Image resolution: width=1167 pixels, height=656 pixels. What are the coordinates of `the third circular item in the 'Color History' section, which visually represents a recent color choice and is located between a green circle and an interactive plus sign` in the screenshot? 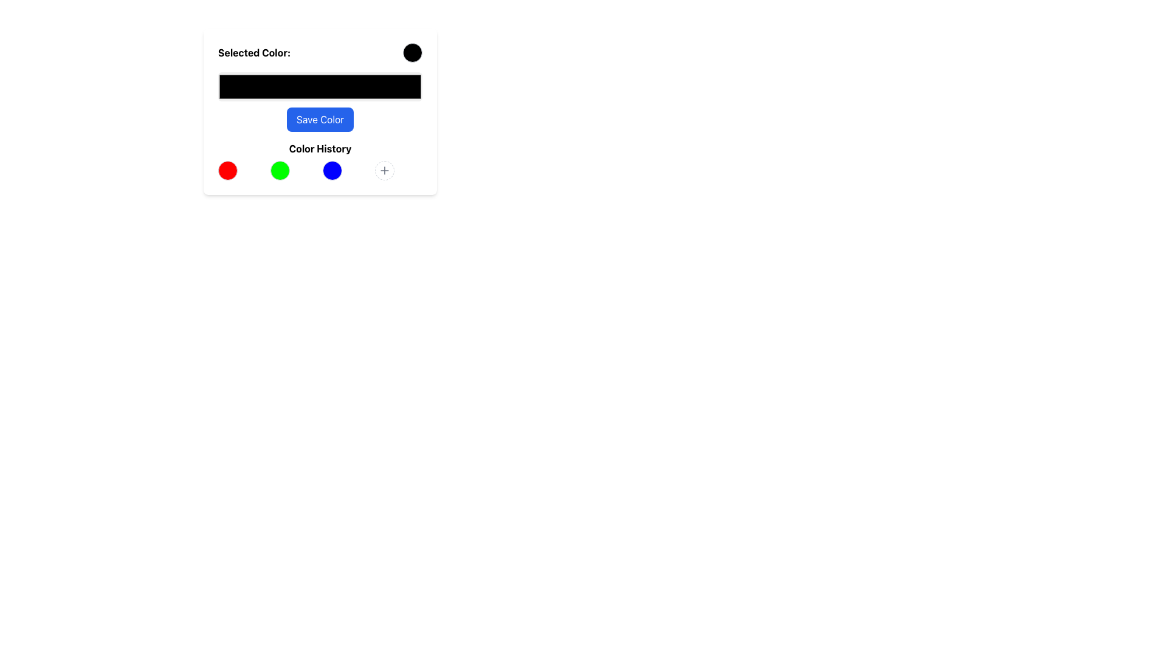 It's located at (332, 171).